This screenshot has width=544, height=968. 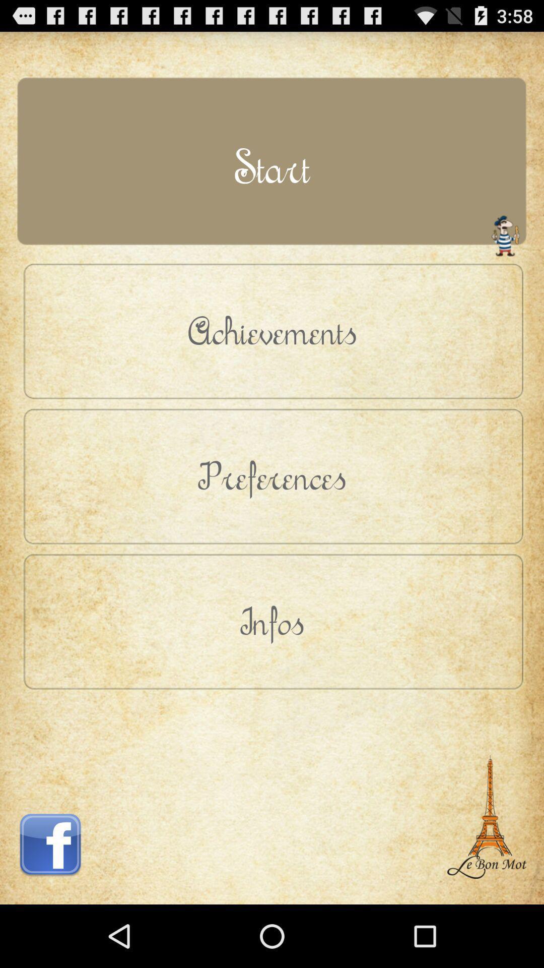 I want to click on preferences item, so click(x=272, y=475).